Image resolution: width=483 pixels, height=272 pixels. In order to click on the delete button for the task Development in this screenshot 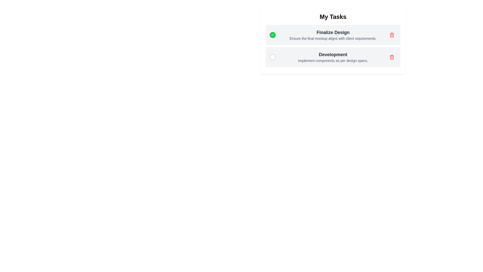, I will do `click(392, 57)`.